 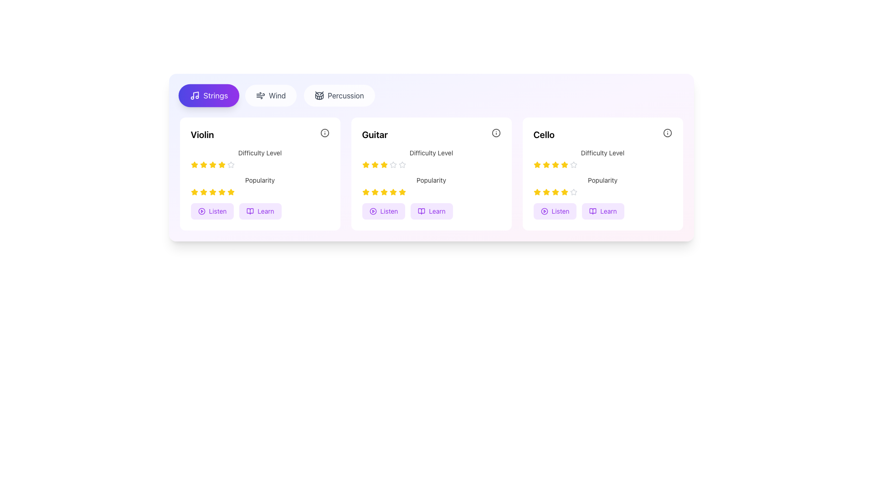 What do you see at coordinates (537, 165) in the screenshot?
I see `the first rating star icon in the third card under the 'Cello' heading, which represents one unit of rating in a five-star system` at bounding box center [537, 165].